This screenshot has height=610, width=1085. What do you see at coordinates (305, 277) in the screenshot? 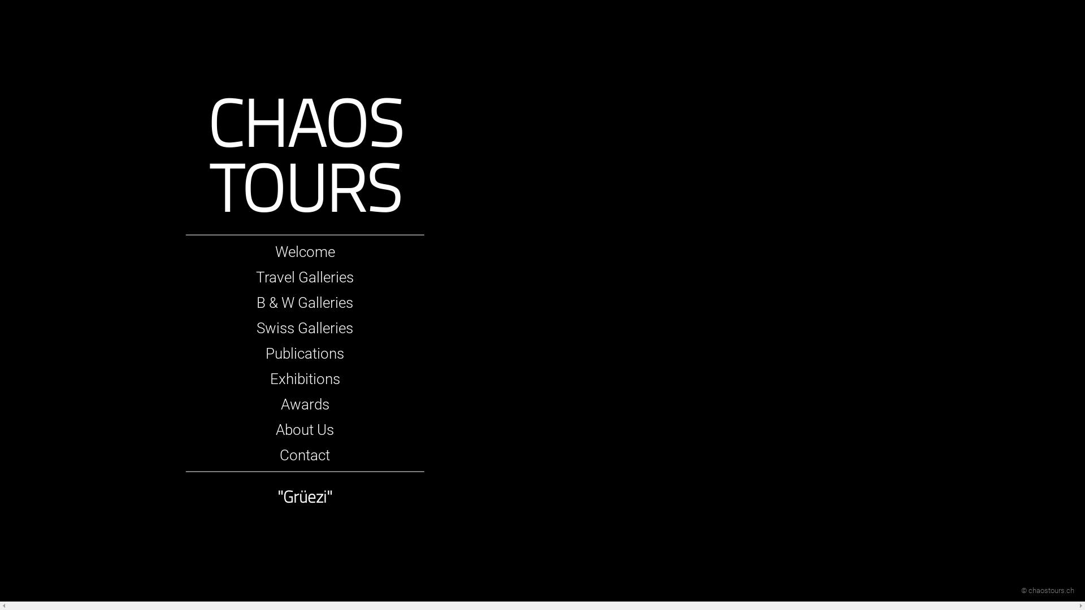
I see `'Travel Galleries'` at bounding box center [305, 277].